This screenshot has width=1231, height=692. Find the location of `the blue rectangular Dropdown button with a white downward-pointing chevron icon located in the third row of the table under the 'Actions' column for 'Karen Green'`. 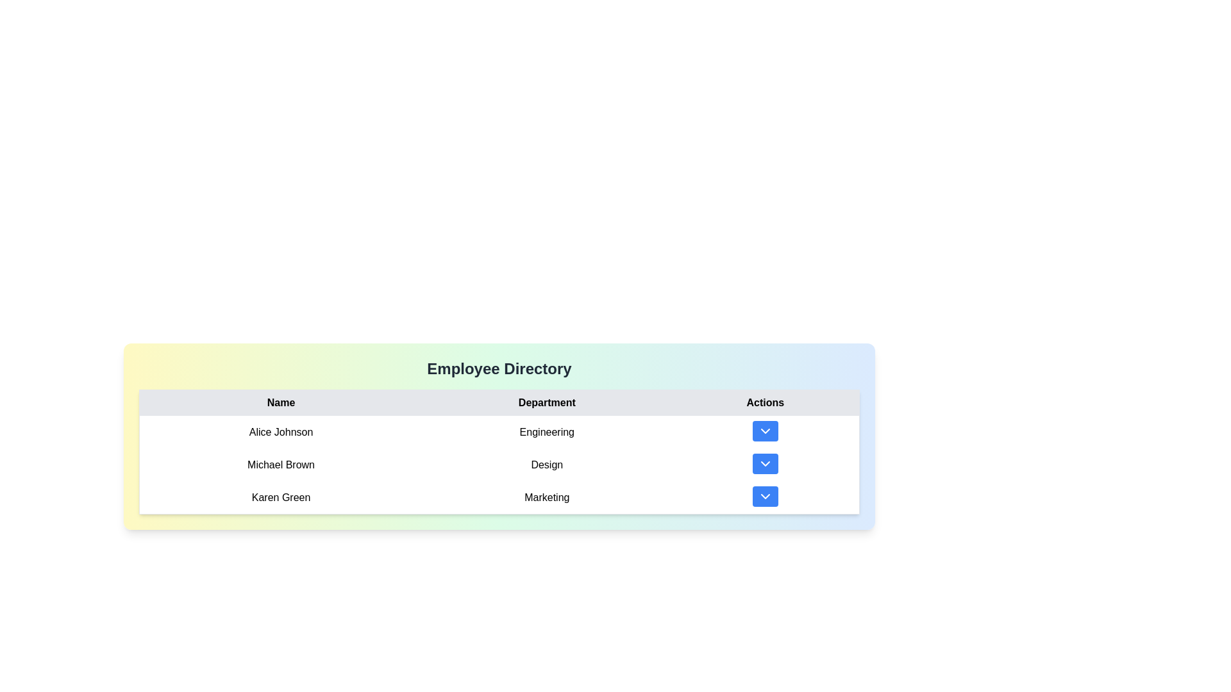

the blue rectangular Dropdown button with a white downward-pointing chevron icon located in the third row of the table under the 'Actions' column for 'Karen Green' is located at coordinates (766, 497).